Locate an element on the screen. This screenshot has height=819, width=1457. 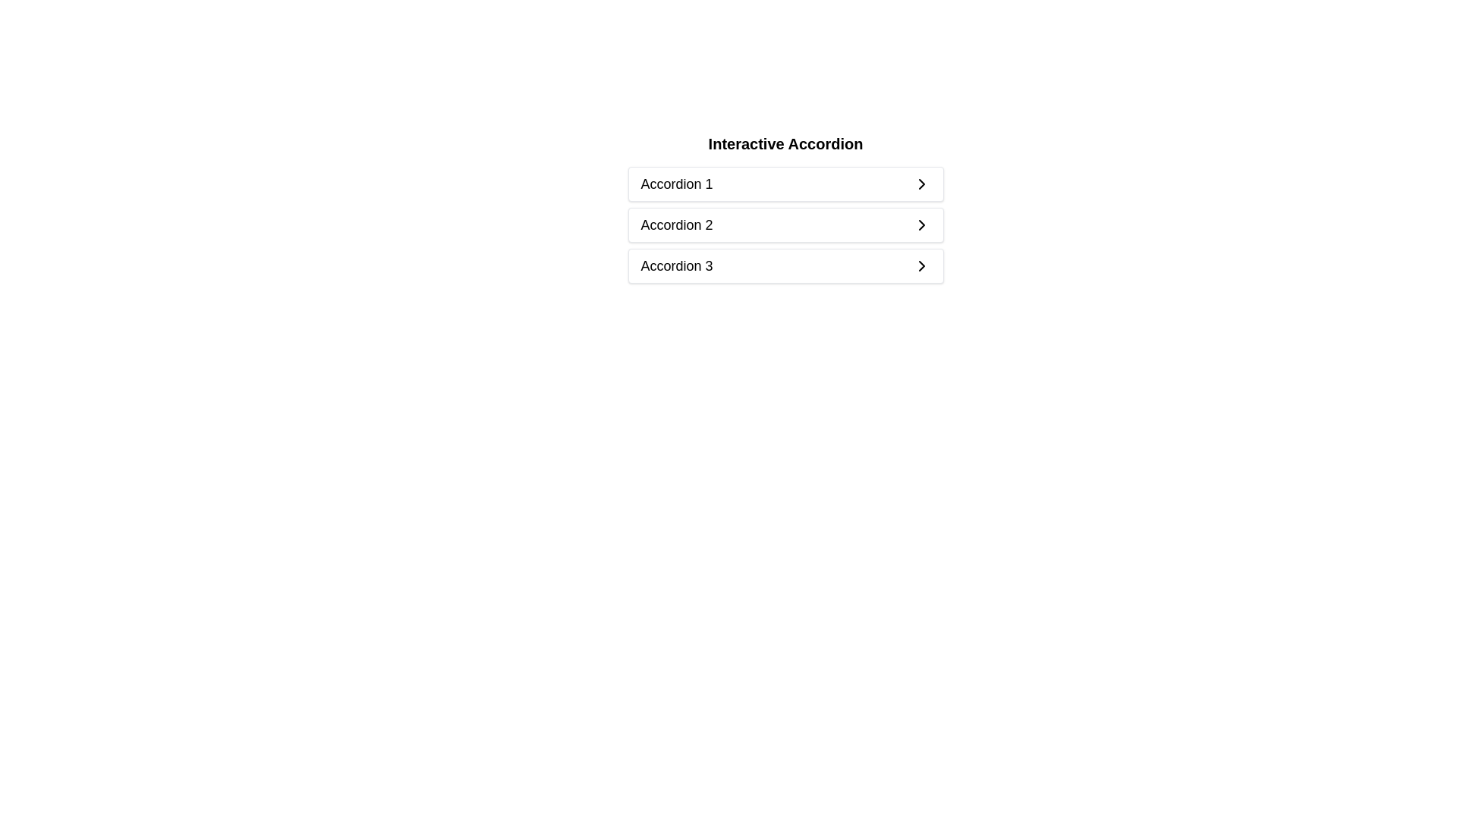
the rightward-pointing chevron-shaped icon located at the rightmost side of the first accordion item labeled 'Accordion 1' is located at coordinates (920, 184).